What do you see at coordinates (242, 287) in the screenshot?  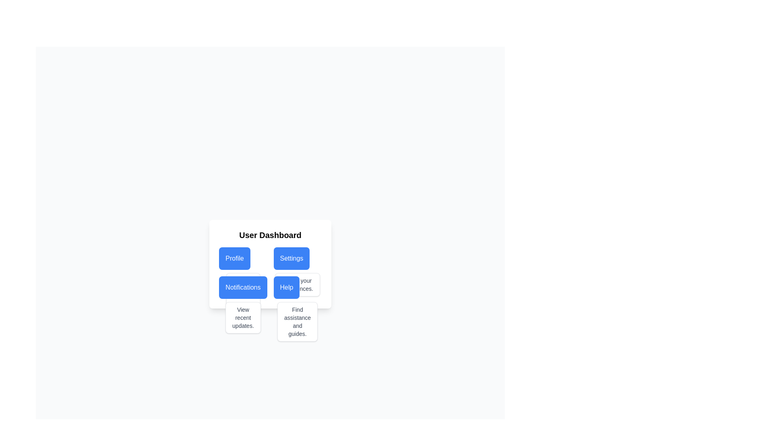 I see `the notifications button located in the User Dashboard section, which is the third button in the grid layout, positioned below the Profile button and to the left of the Help button` at bounding box center [242, 287].